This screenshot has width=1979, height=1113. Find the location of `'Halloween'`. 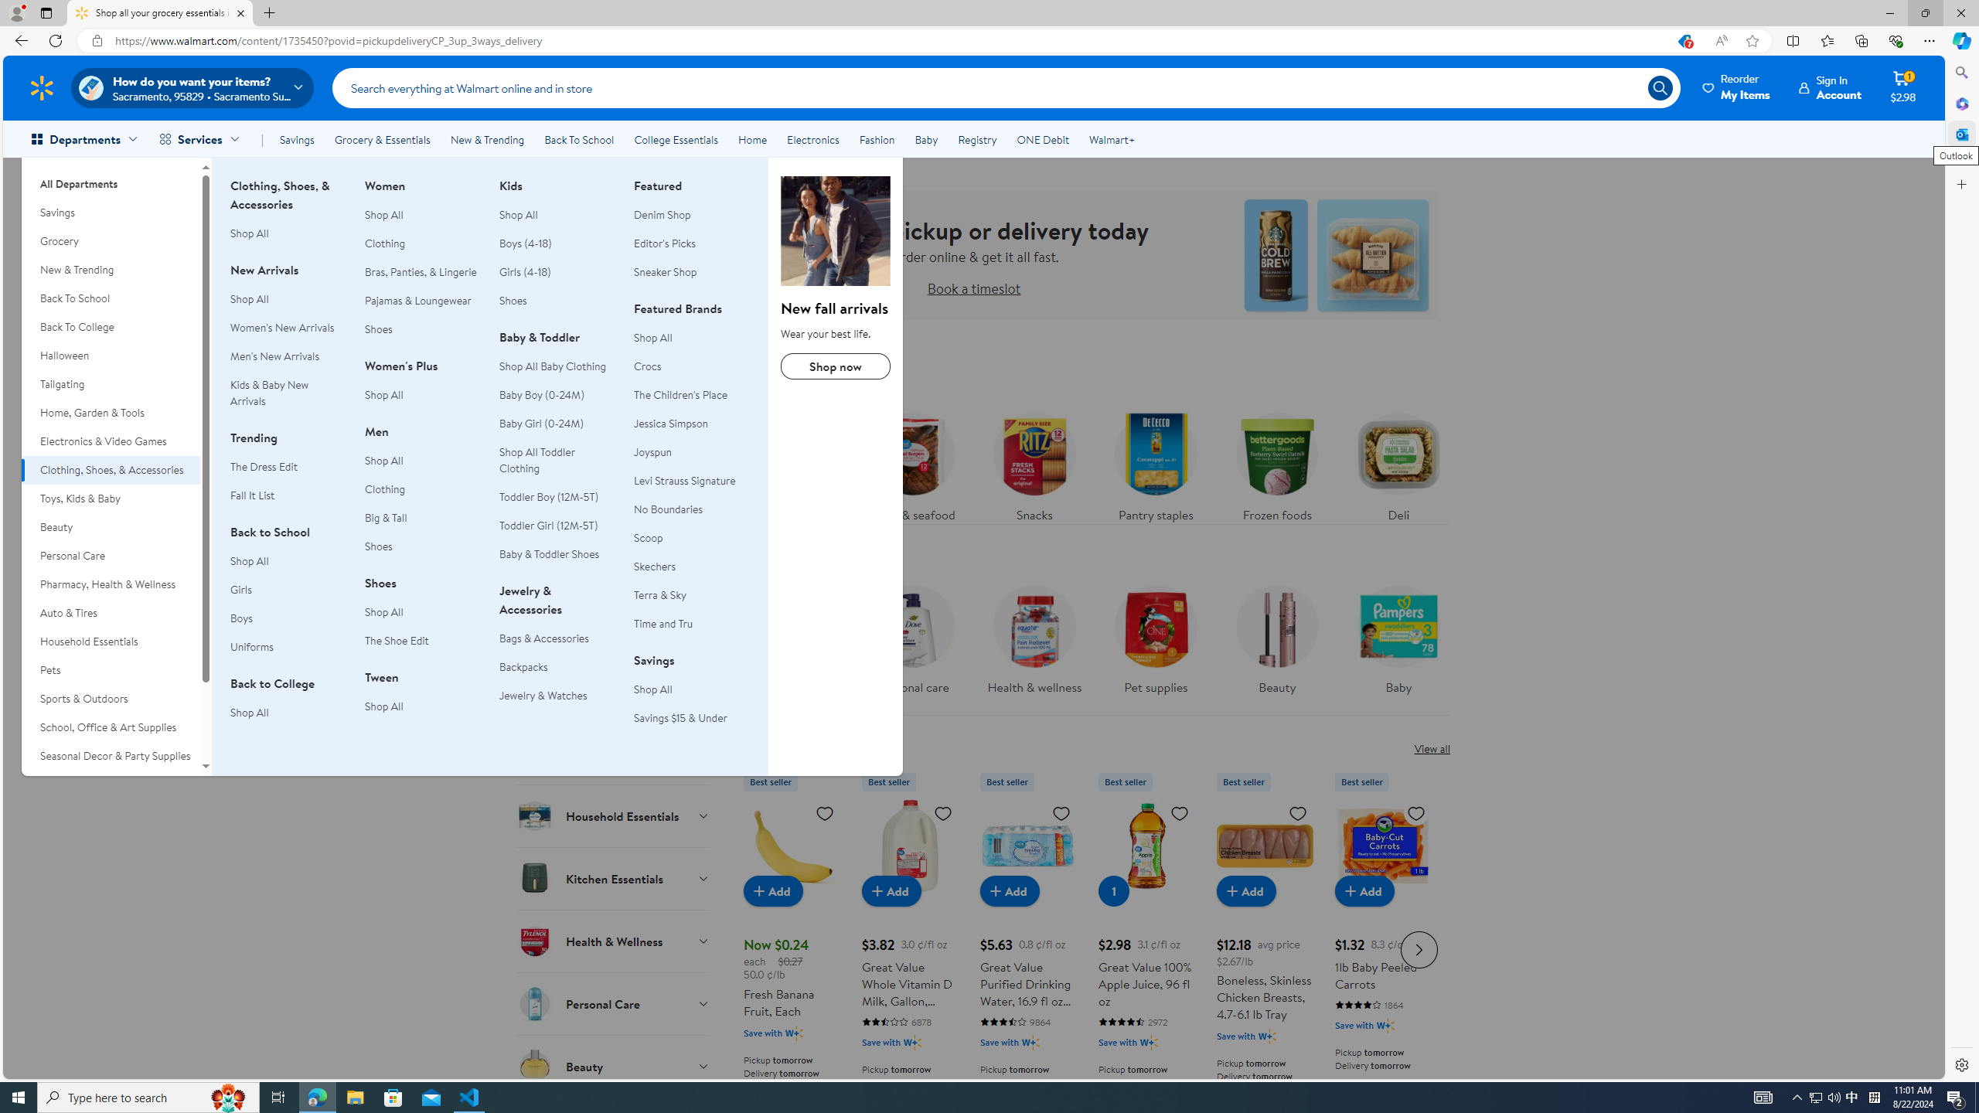

'Halloween' is located at coordinates (110, 355).